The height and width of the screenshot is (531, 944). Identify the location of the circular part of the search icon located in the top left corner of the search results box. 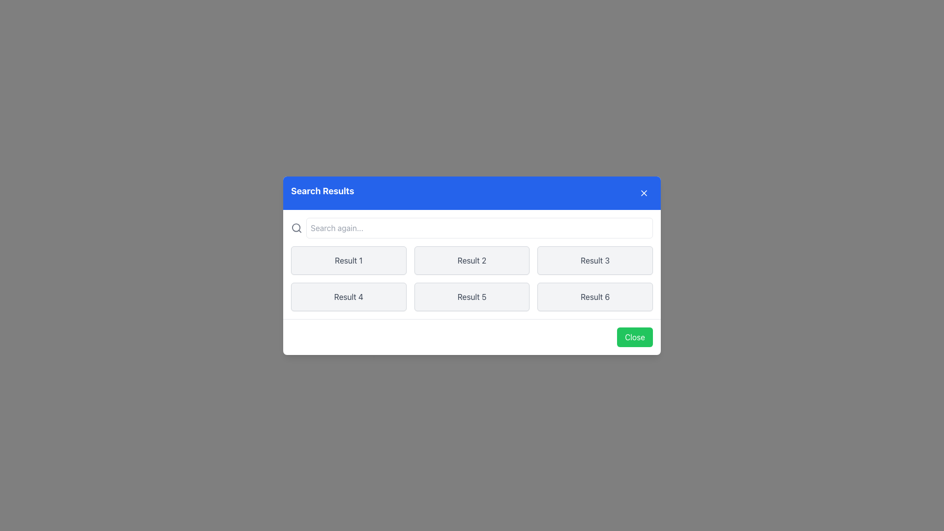
(295, 227).